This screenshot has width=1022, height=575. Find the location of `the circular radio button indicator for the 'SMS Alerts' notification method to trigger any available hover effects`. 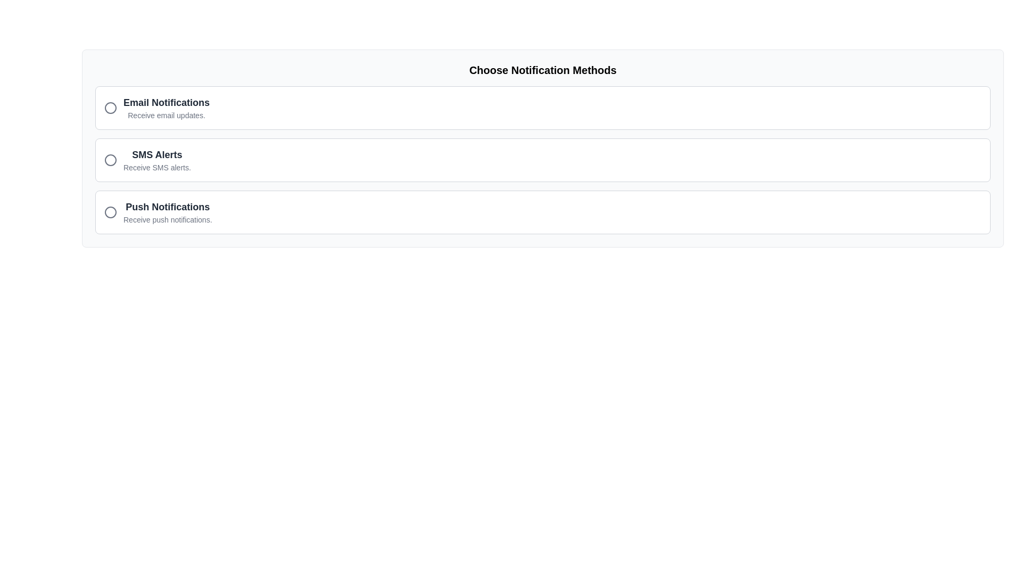

the circular radio button indicator for the 'SMS Alerts' notification method to trigger any available hover effects is located at coordinates (110, 160).